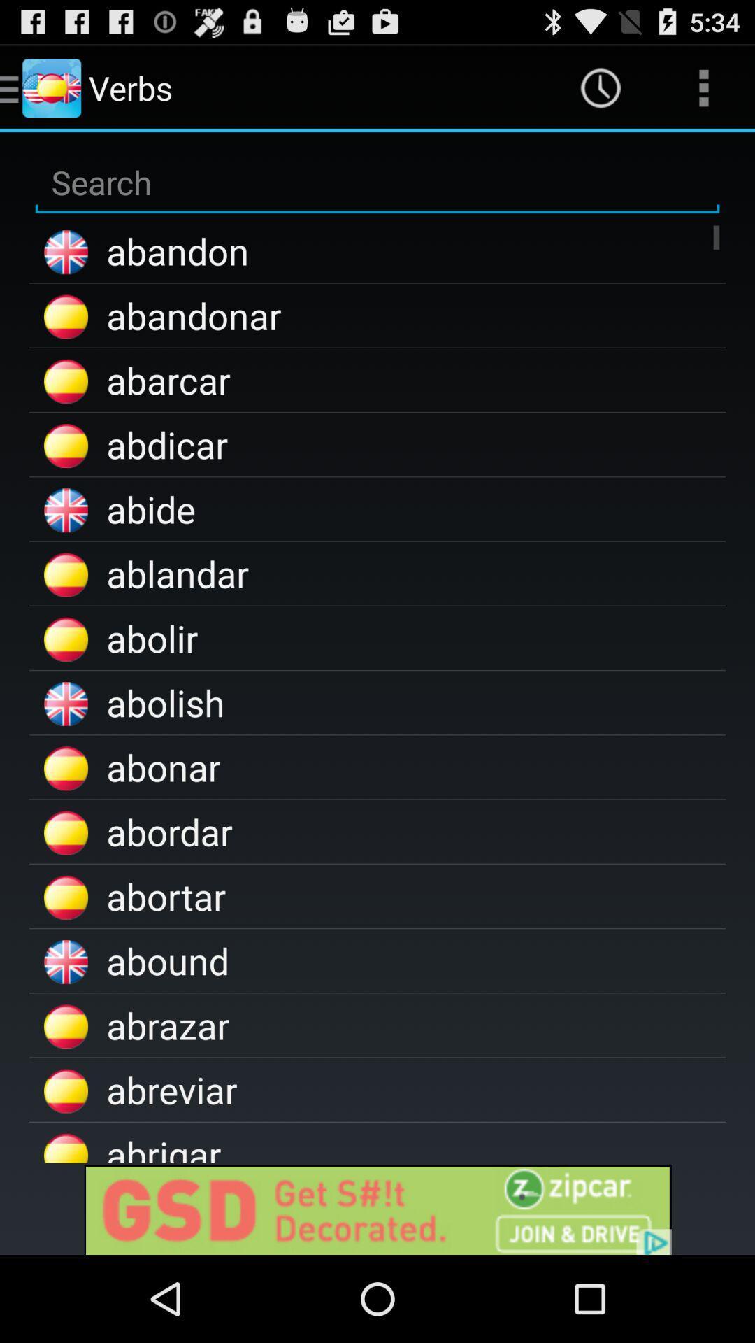 The height and width of the screenshot is (1343, 755). I want to click on the advertised site, so click(377, 1208).